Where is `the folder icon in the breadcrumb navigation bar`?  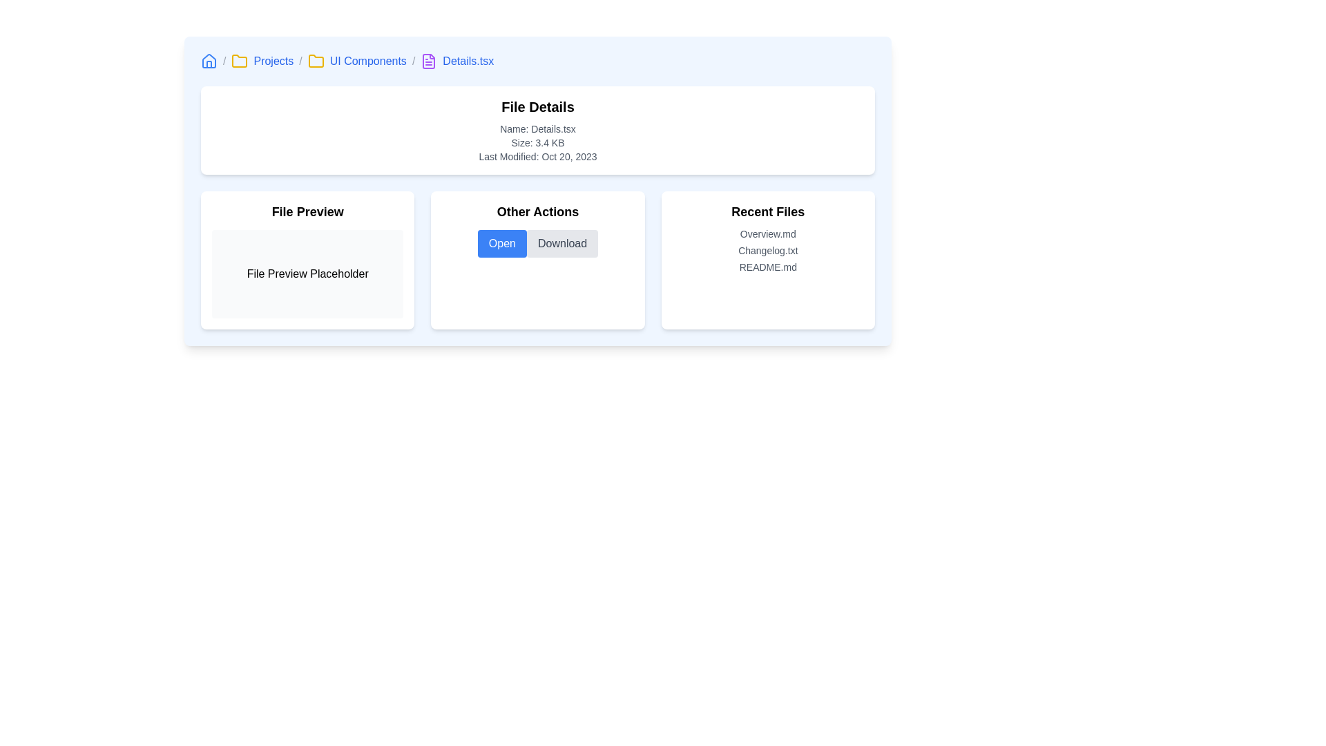
the folder icon in the breadcrumb navigation bar is located at coordinates (315, 60).